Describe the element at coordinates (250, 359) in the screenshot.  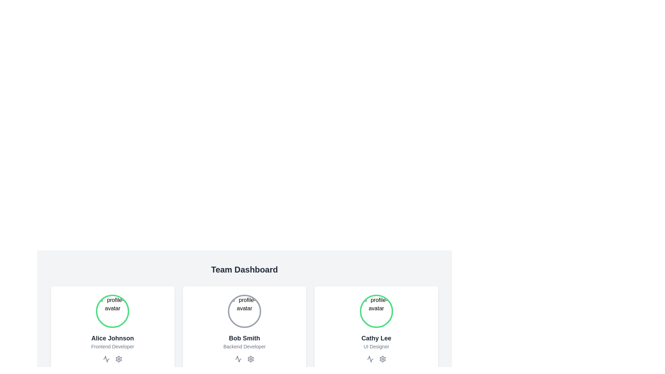
I see `the settings button for user 'Bob Smith' to change its color` at that location.